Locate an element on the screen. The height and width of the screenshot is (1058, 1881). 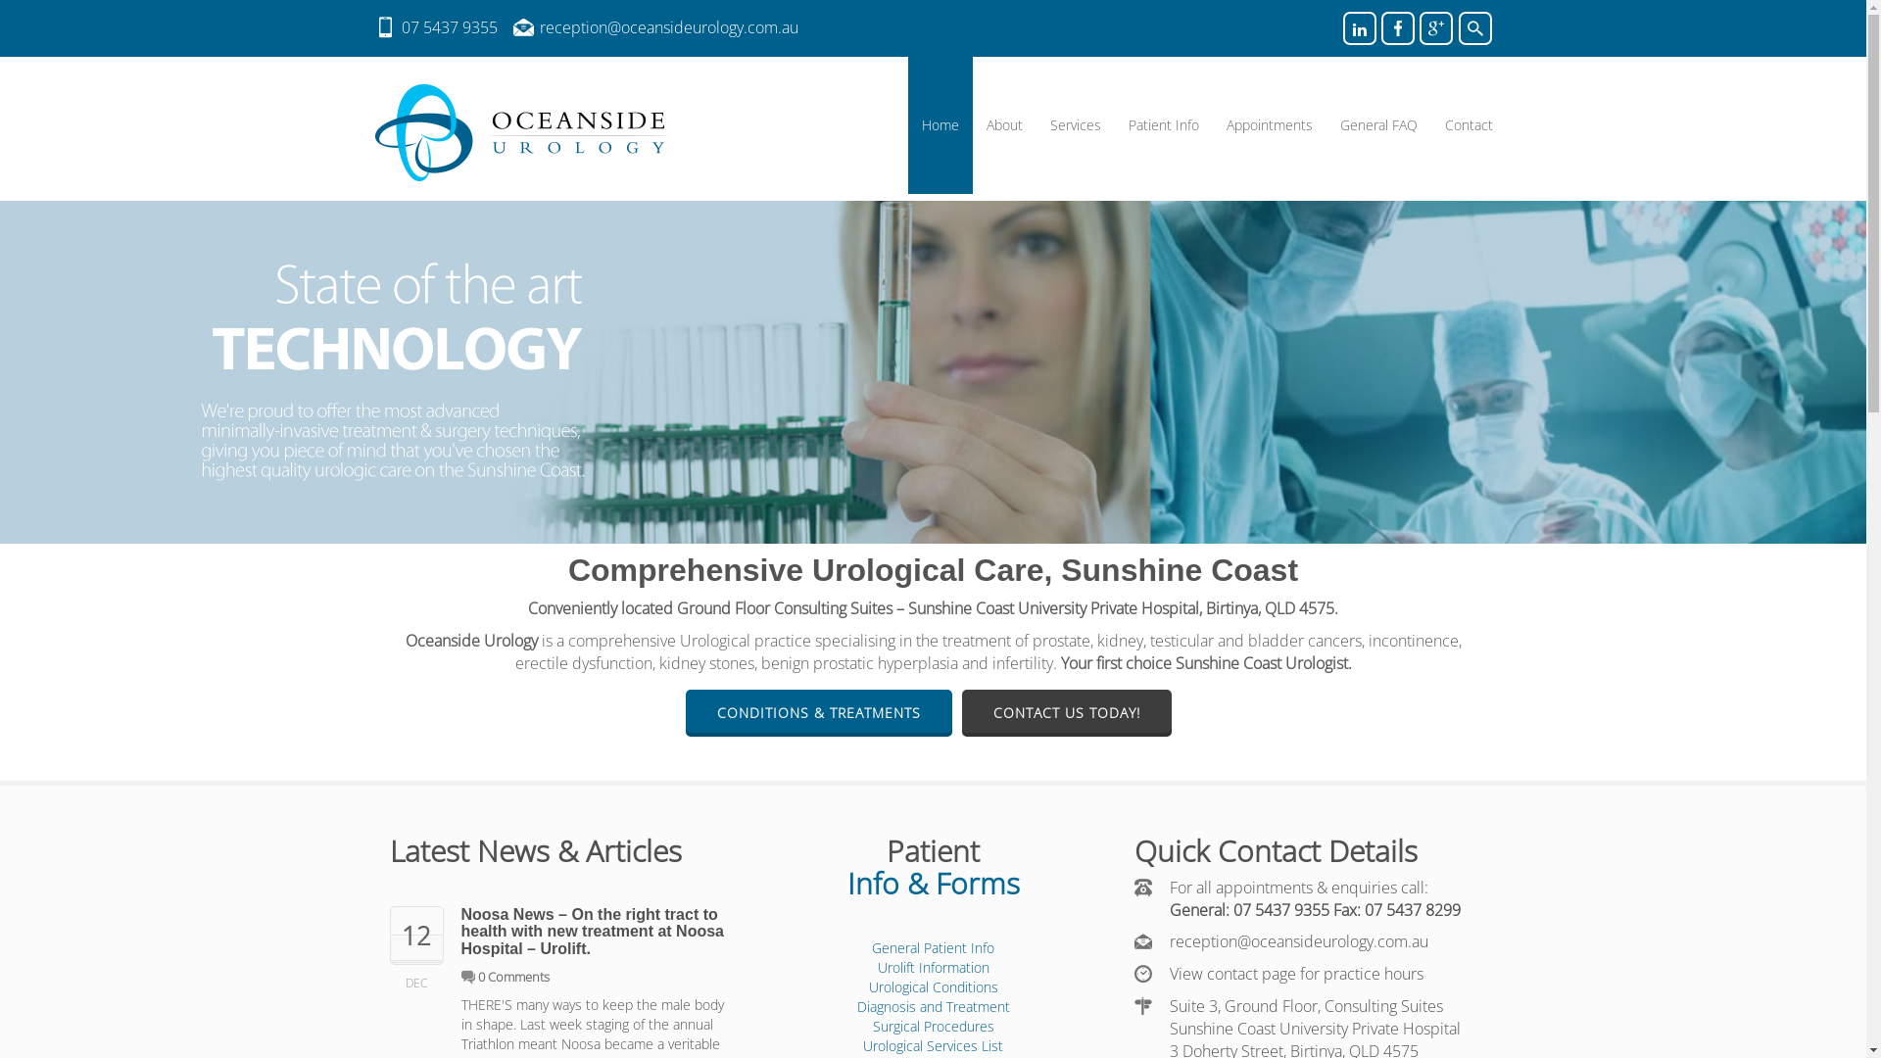
'Appointments' is located at coordinates (1270, 124).